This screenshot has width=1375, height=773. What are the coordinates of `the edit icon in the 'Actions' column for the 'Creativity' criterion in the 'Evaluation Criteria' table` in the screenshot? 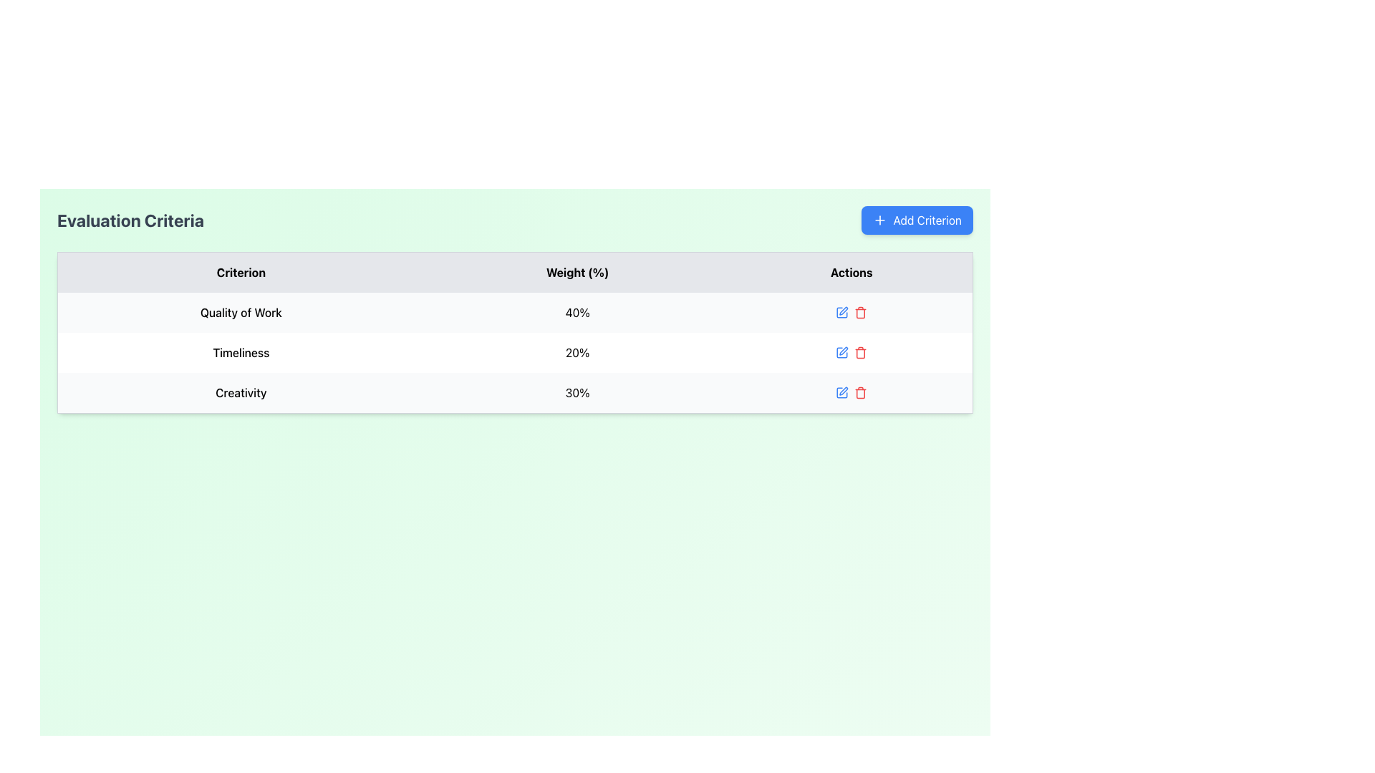 It's located at (842, 392).